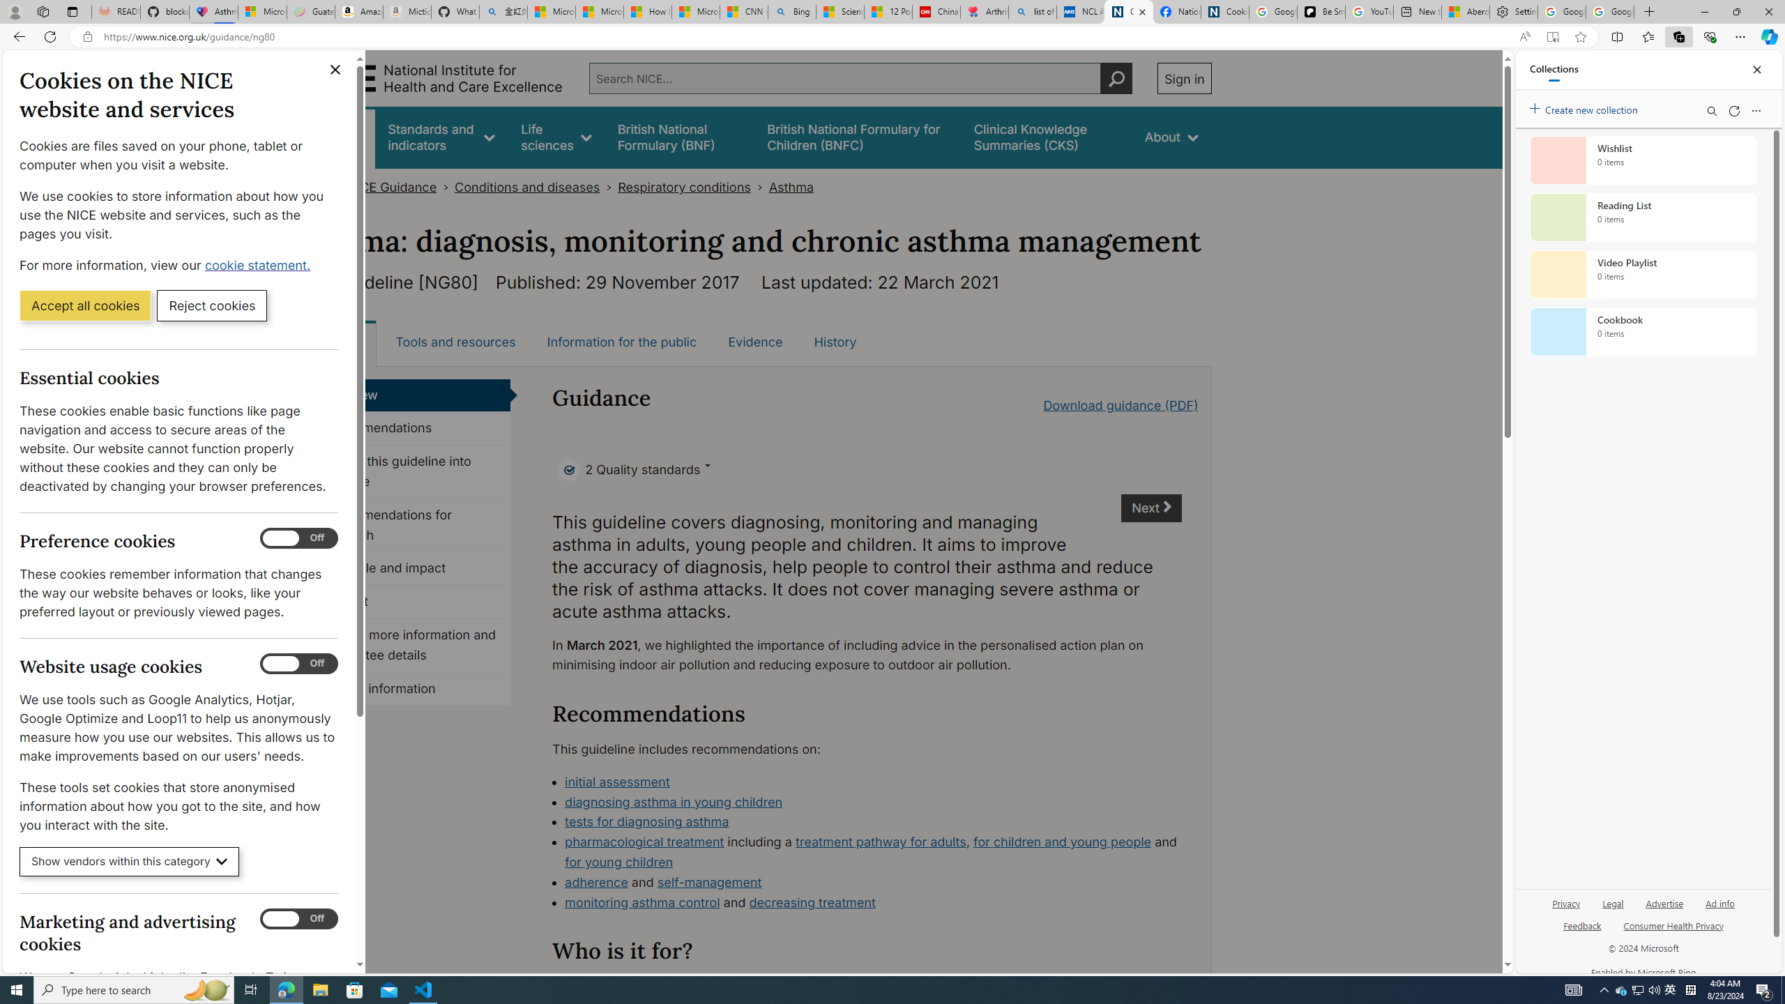 The height and width of the screenshot is (1004, 1785). Describe the element at coordinates (319, 187) in the screenshot. I see `'Home>'` at that location.